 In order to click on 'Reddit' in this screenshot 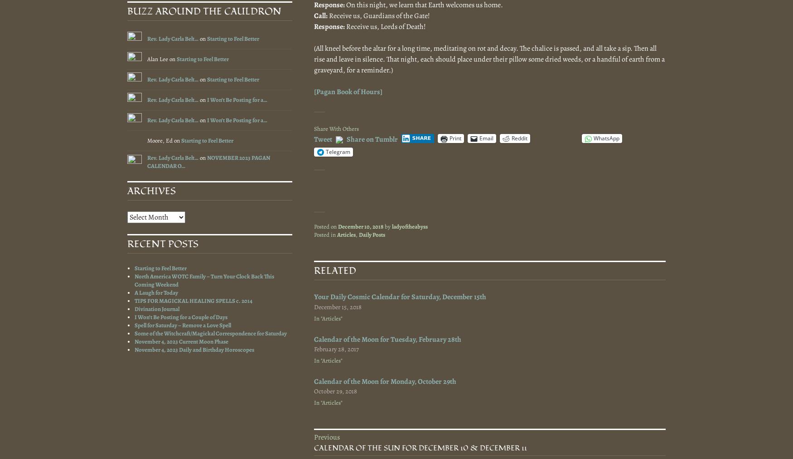, I will do `click(519, 138)`.